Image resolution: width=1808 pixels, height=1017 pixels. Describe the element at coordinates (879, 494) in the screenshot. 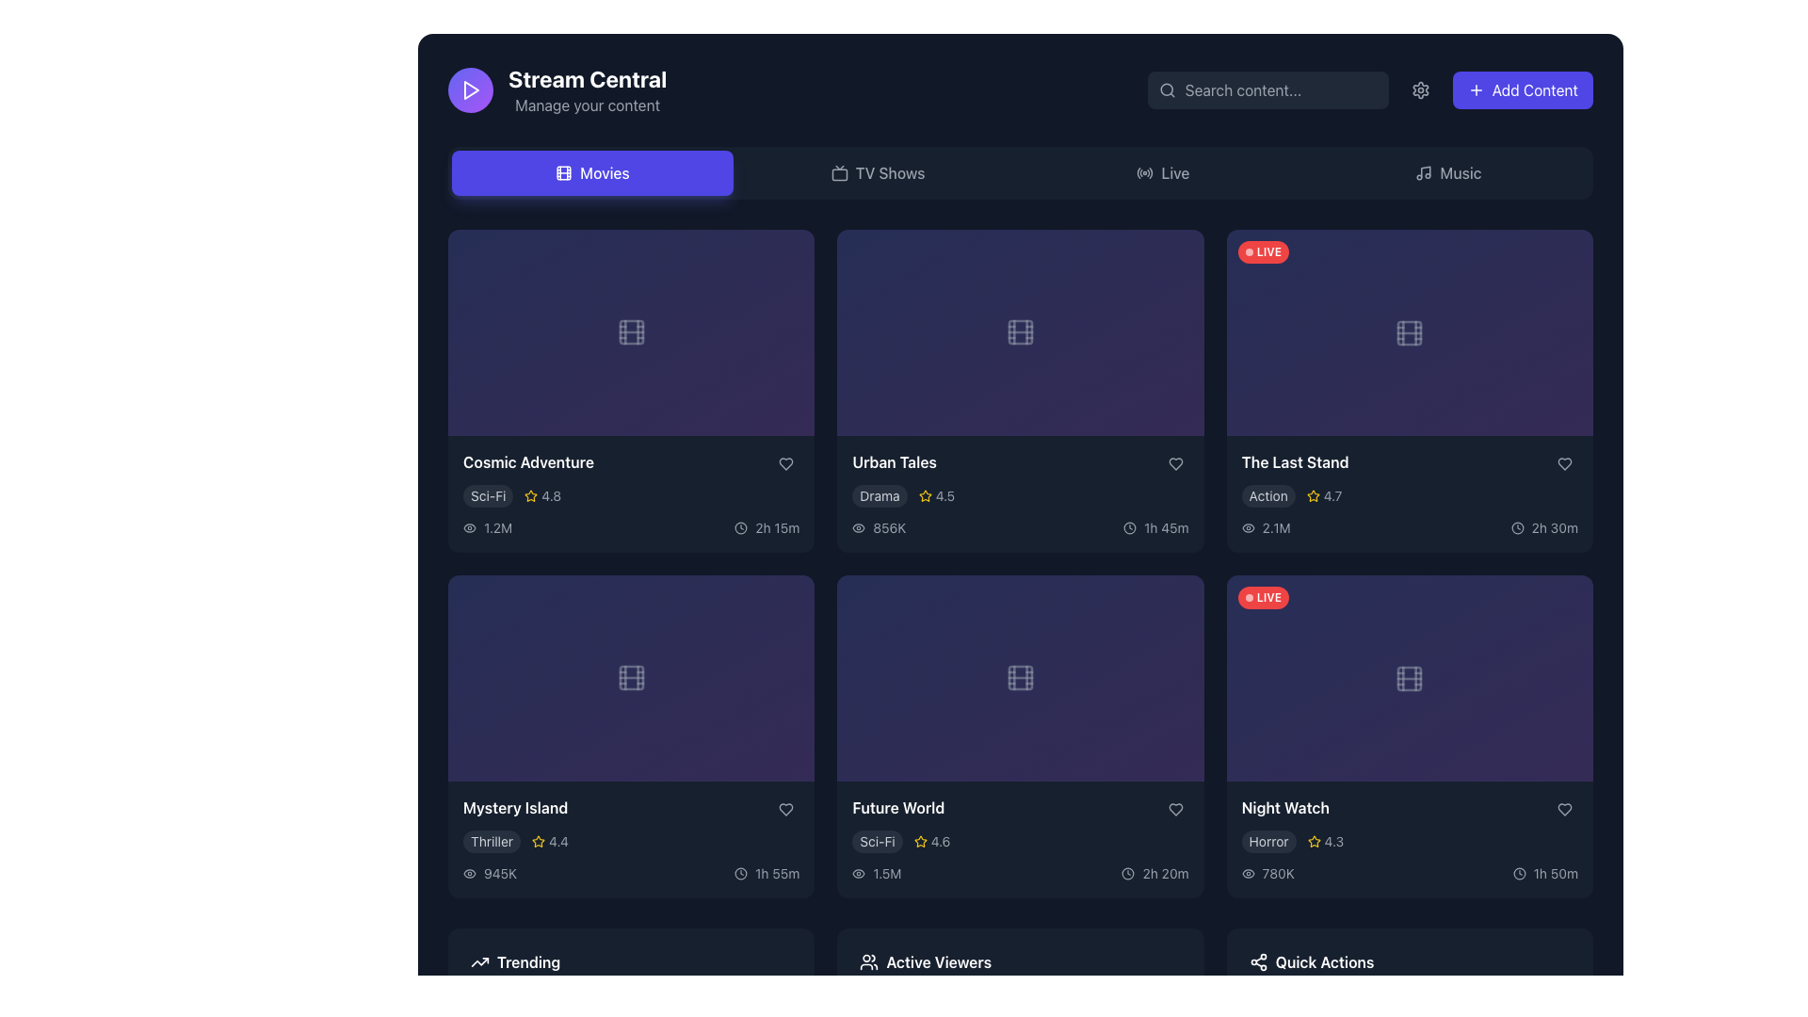

I see `the genre label indicating 'Drama', which is the leftmost element below the title 'Urban Tales'` at that location.